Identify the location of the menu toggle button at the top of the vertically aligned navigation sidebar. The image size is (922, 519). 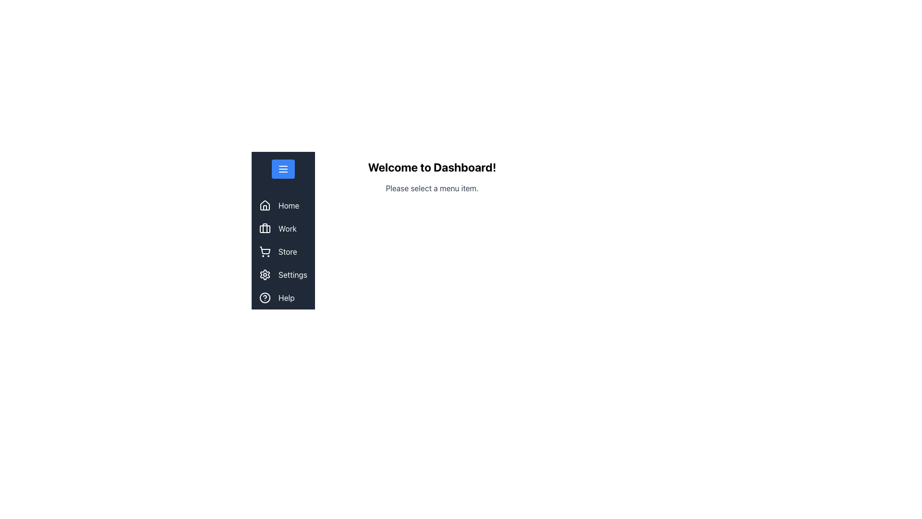
(283, 168).